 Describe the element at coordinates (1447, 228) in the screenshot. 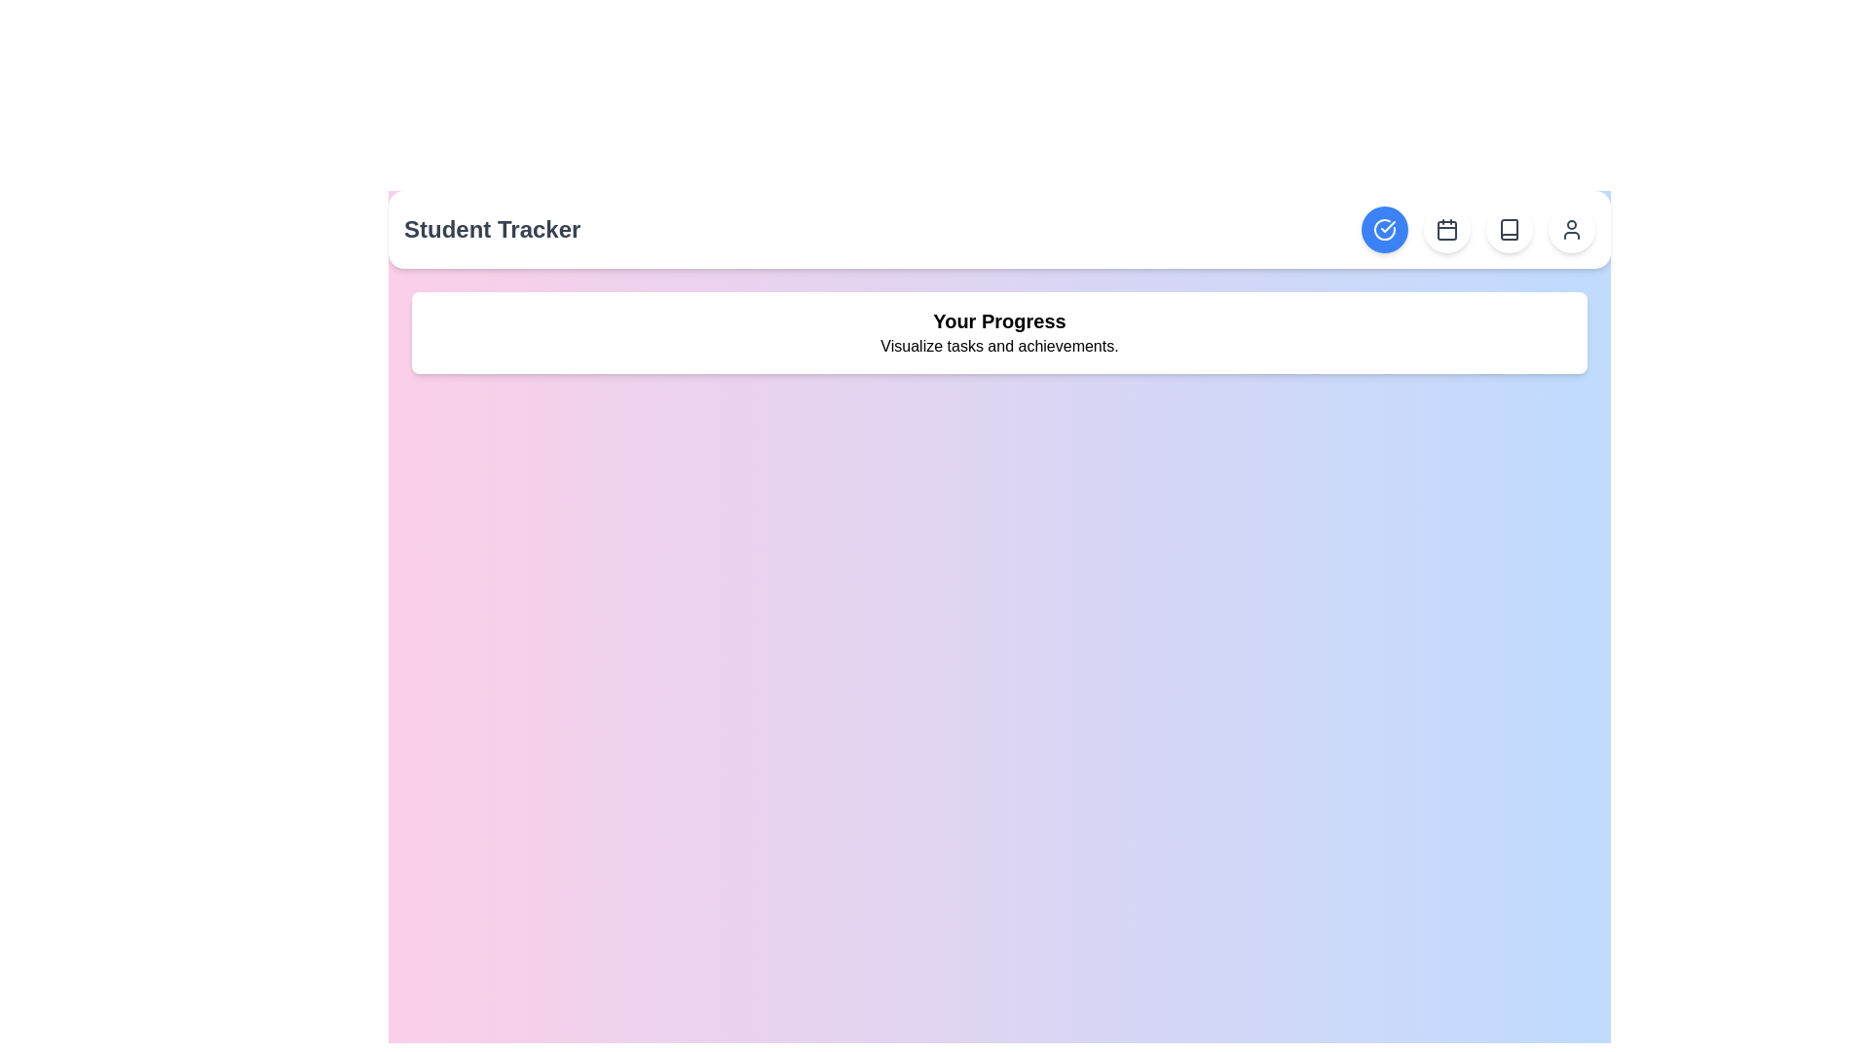

I see `the circular button with a calendar icon, located near the top-right corner of the interface` at that location.